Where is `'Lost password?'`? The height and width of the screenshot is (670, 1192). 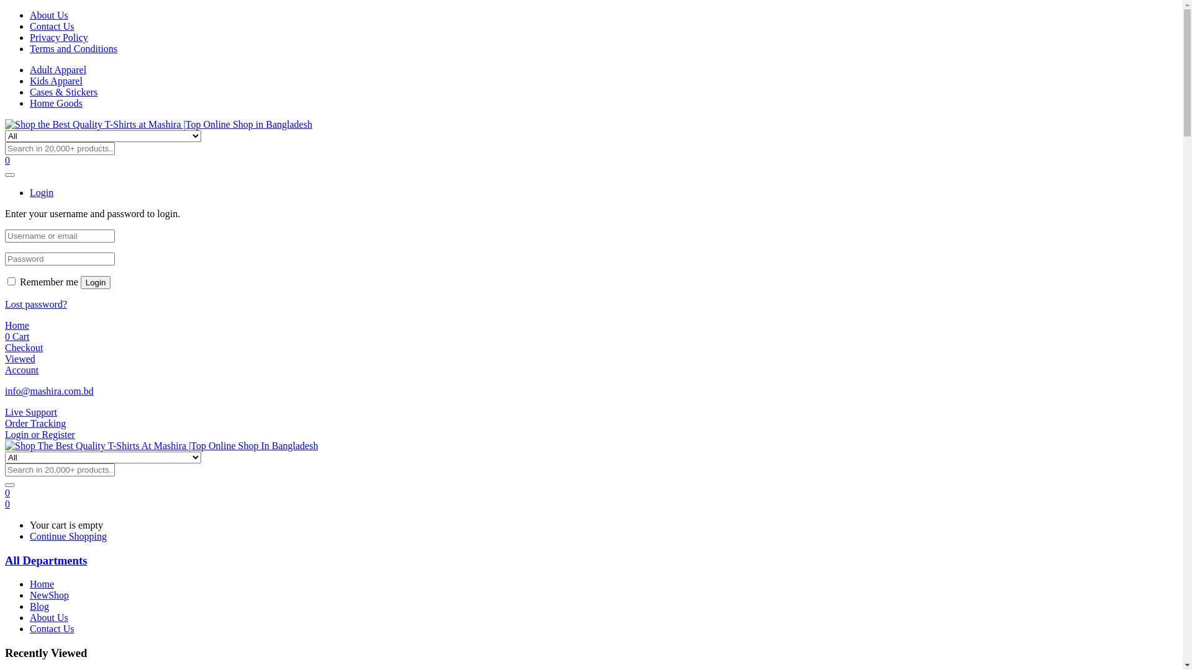 'Lost password?' is located at coordinates (35, 304).